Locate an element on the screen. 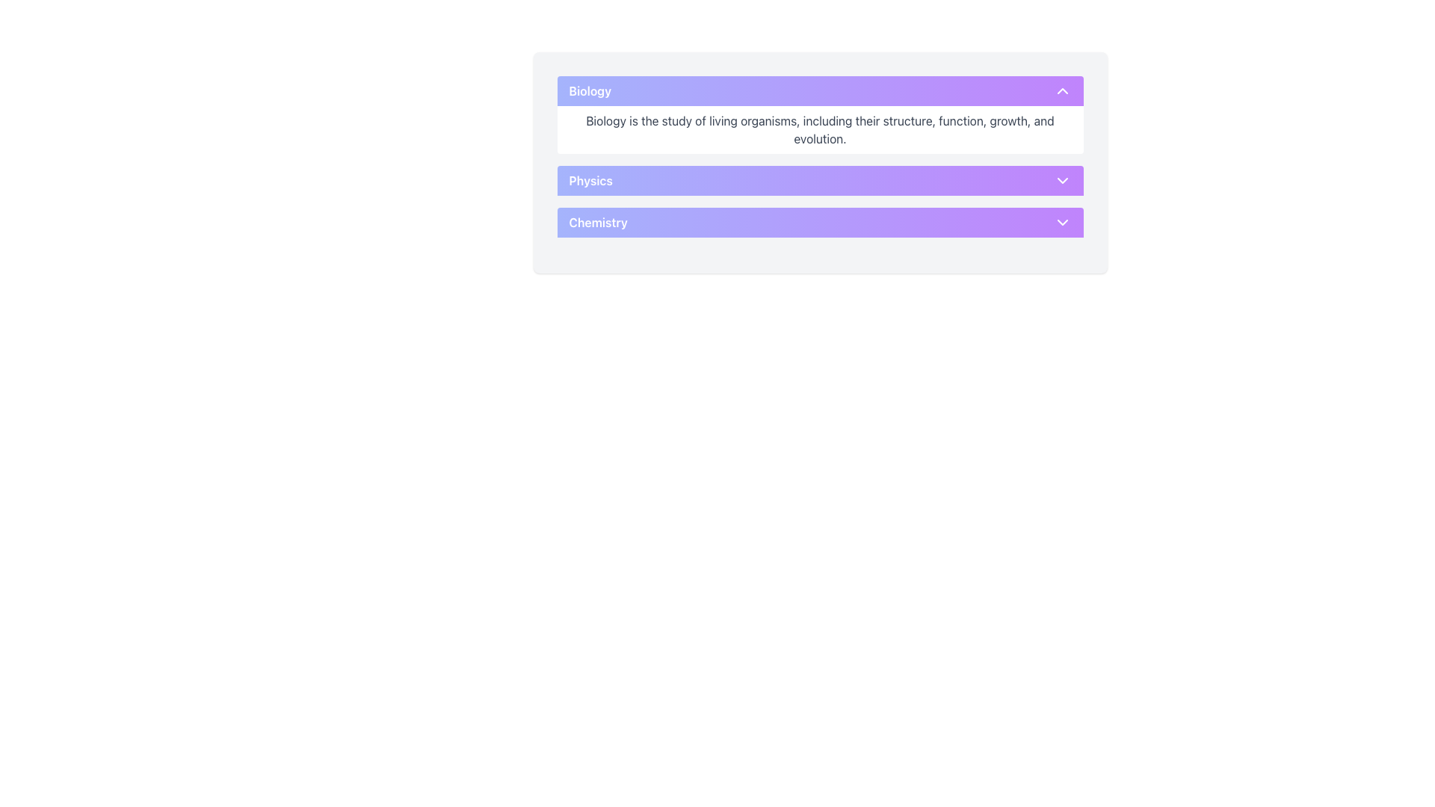  text content of the label displaying 'Physics', which is in bold typeface and located in the horizontal bar with a gradient background, positioned to the left of an arrow icon is located at coordinates (590, 180).